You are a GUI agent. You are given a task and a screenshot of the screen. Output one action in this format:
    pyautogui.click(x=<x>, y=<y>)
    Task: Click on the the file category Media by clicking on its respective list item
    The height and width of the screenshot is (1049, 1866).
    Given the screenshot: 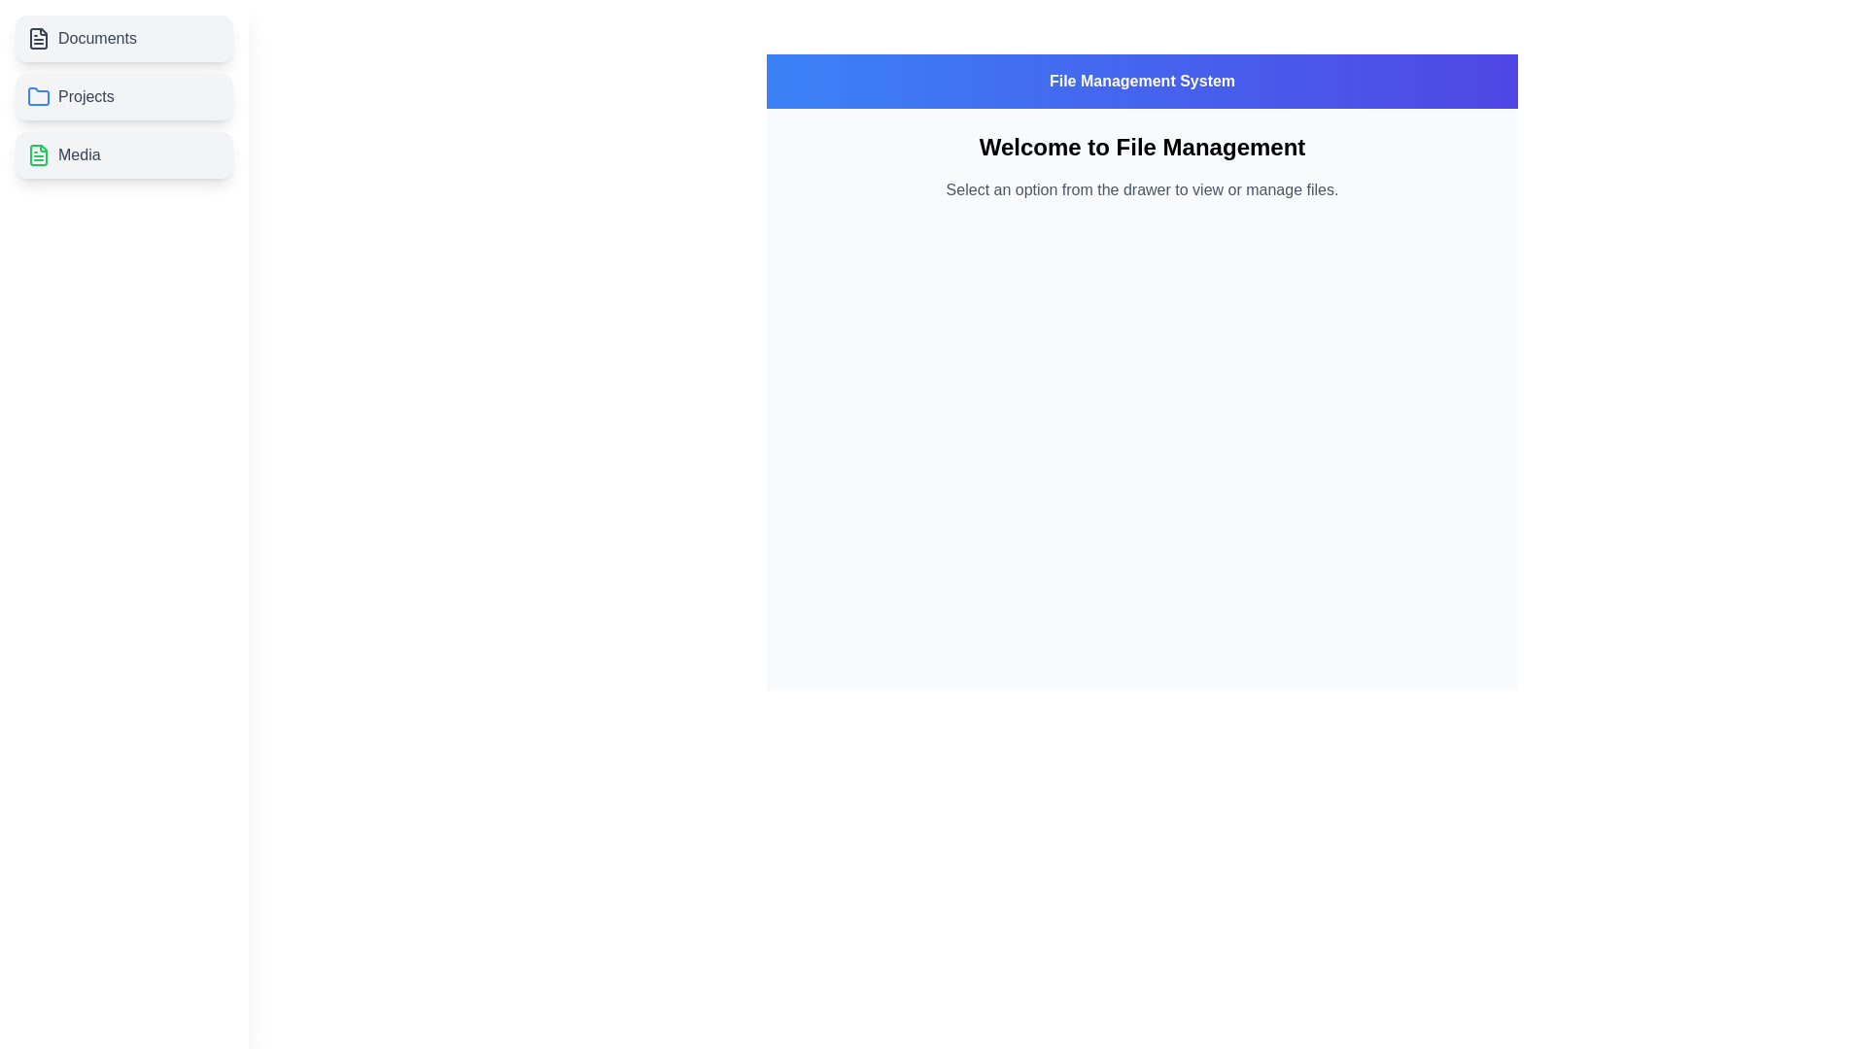 What is the action you would take?
    pyautogui.click(x=123, y=153)
    